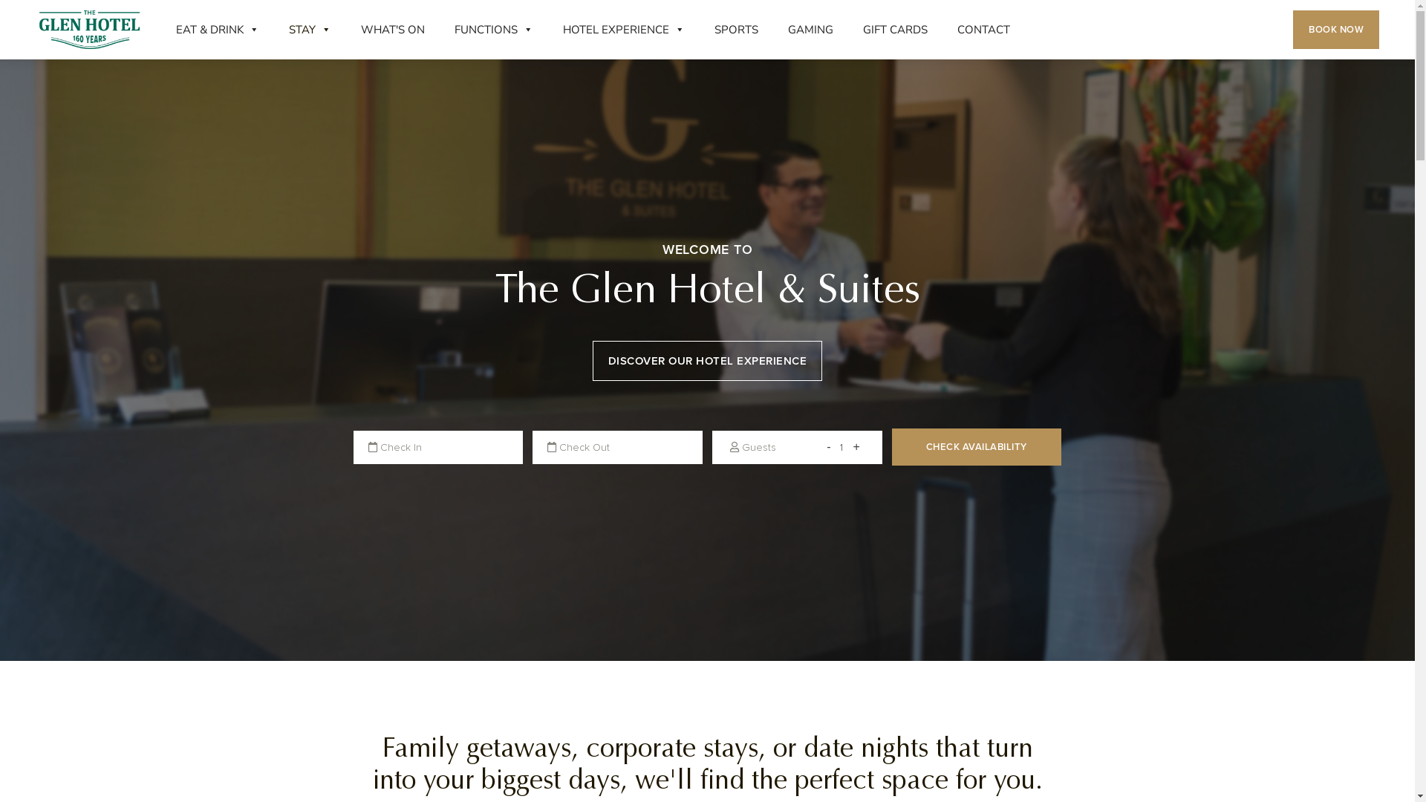  What do you see at coordinates (983, 29) in the screenshot?
I see `'CONTACT'` at bounding box center [983, 29].